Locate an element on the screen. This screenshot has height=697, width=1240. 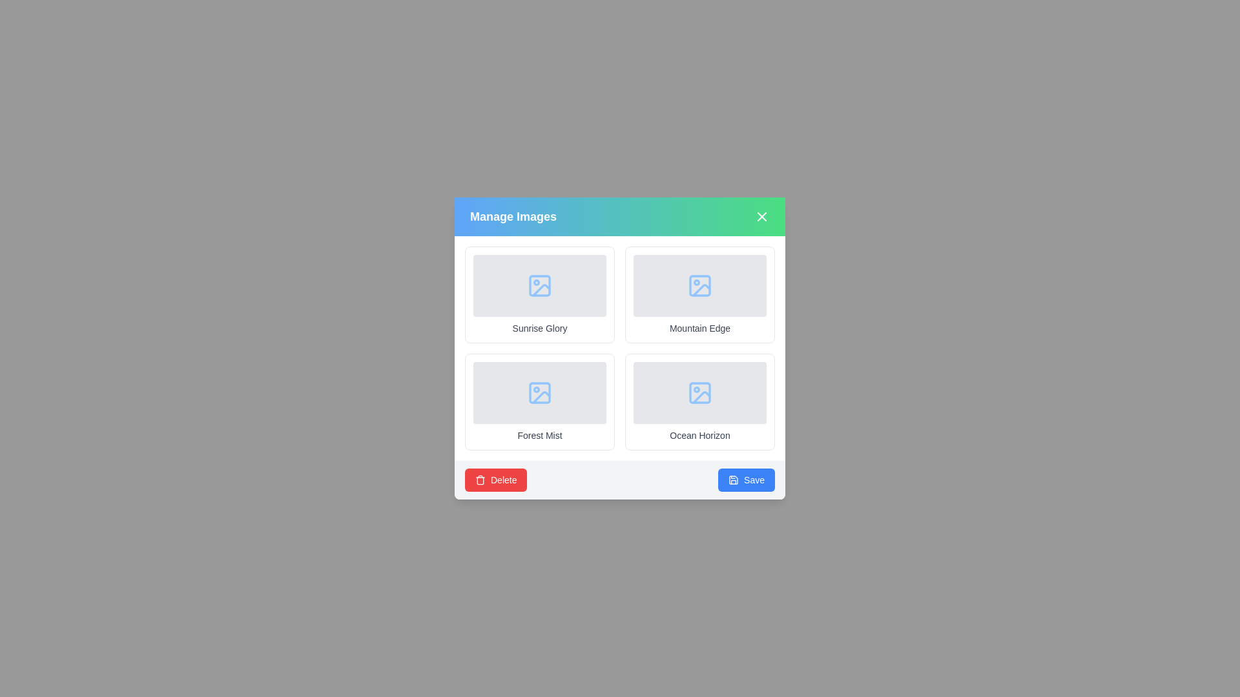
the graphical placeholder labeled 'Ocean Horizon' which is a rectangular area with a light gray background and a blue photo icon, located in the lower-left cell of the 'Manage Images' dialog box is located at coordinates (699, 392).